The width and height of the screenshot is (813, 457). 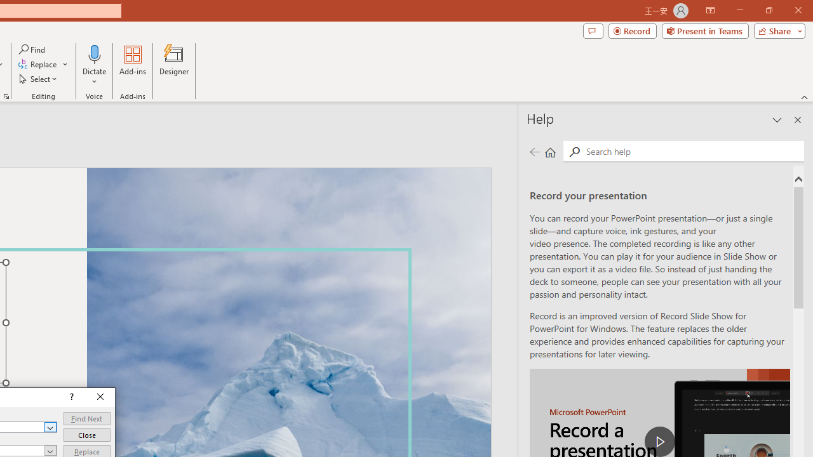 I want to click on 'Context help', so click(x=70, y=397).